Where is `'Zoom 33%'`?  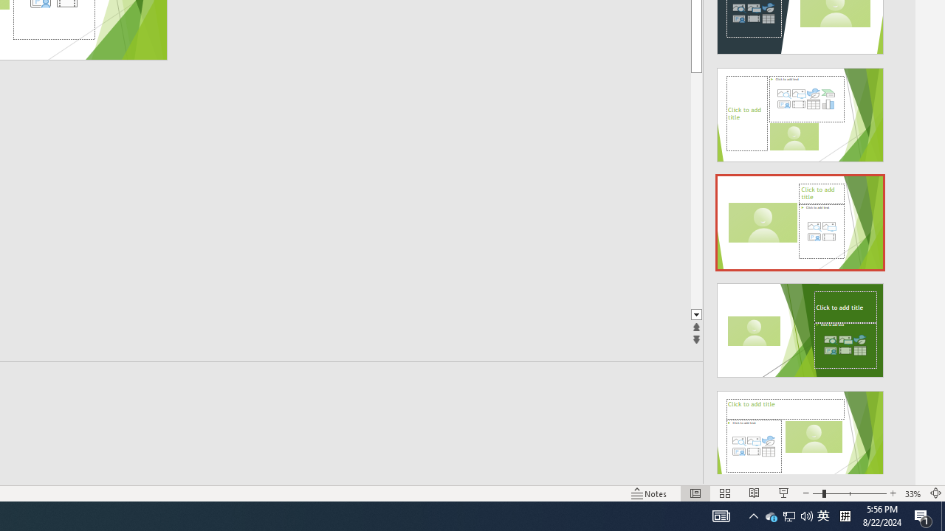 'Zoom 33%' is located at coordinates (913, 493).